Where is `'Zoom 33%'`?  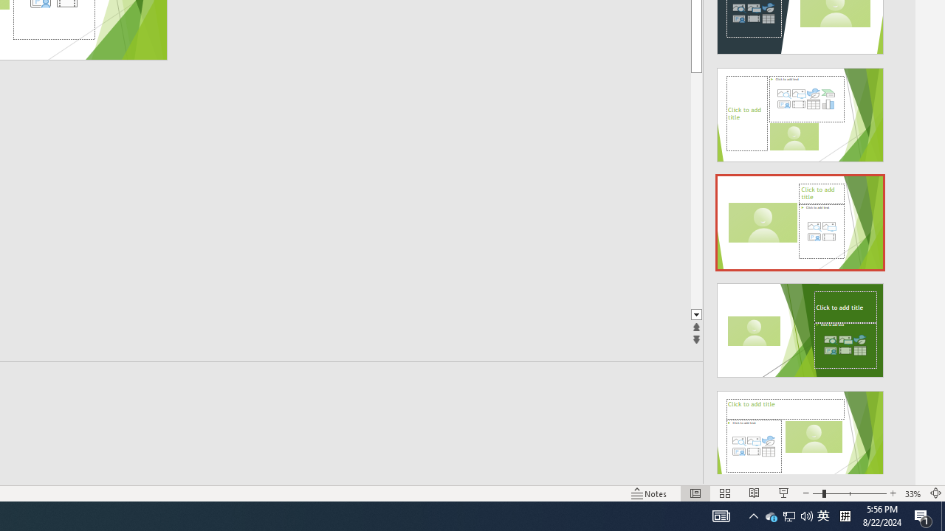 'Zoom 33%' is located at coordinates (913, 493).